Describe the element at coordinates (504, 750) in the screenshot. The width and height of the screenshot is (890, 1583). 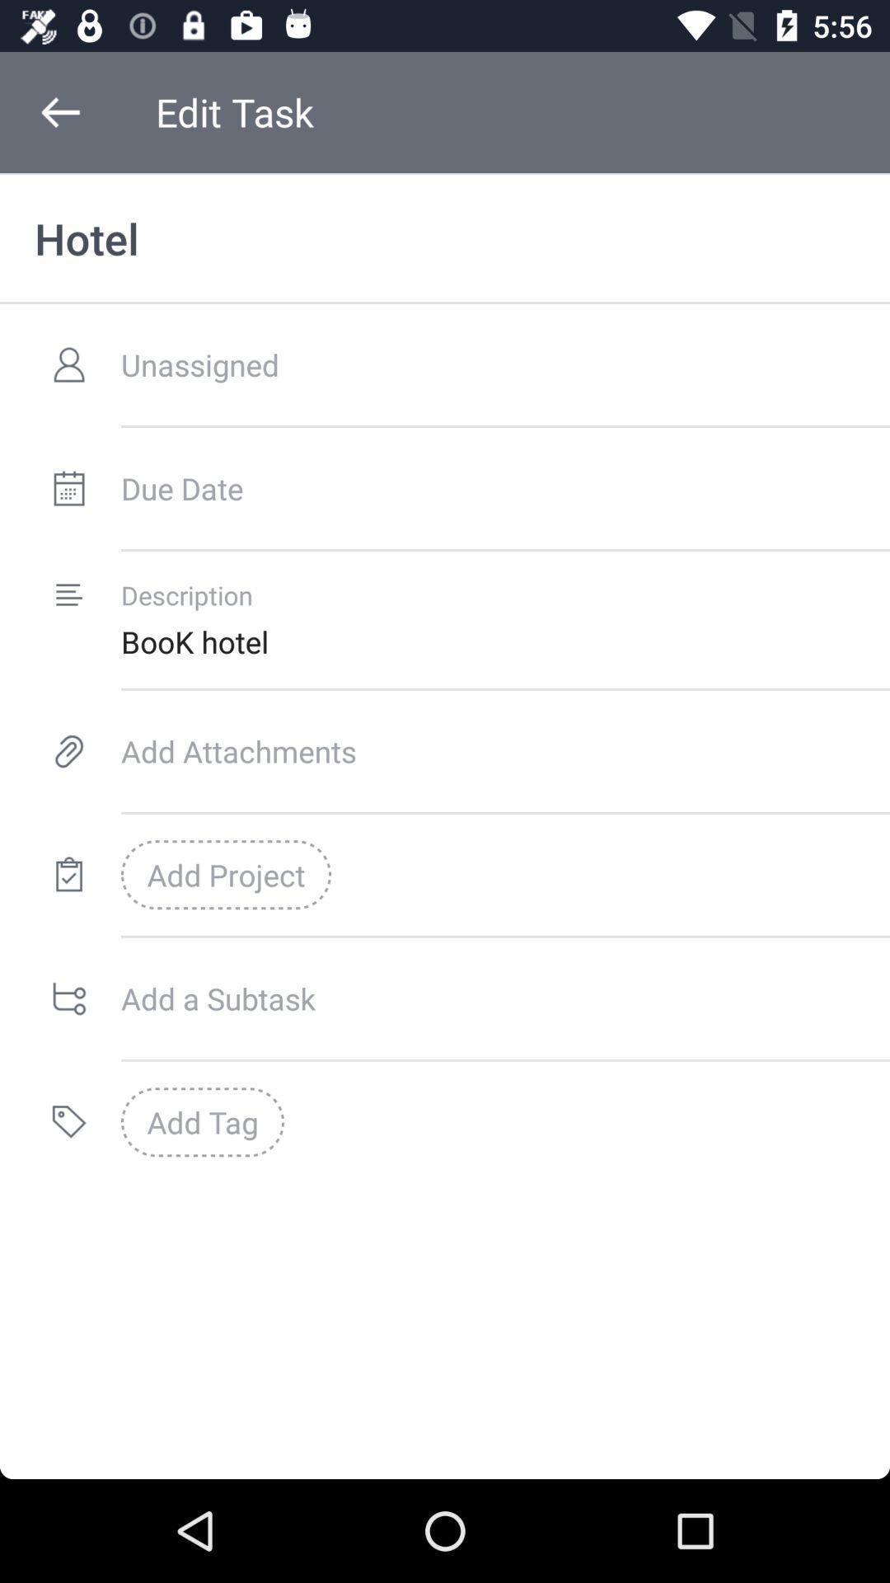
I see `the text field which is below the book hotel` at that location.